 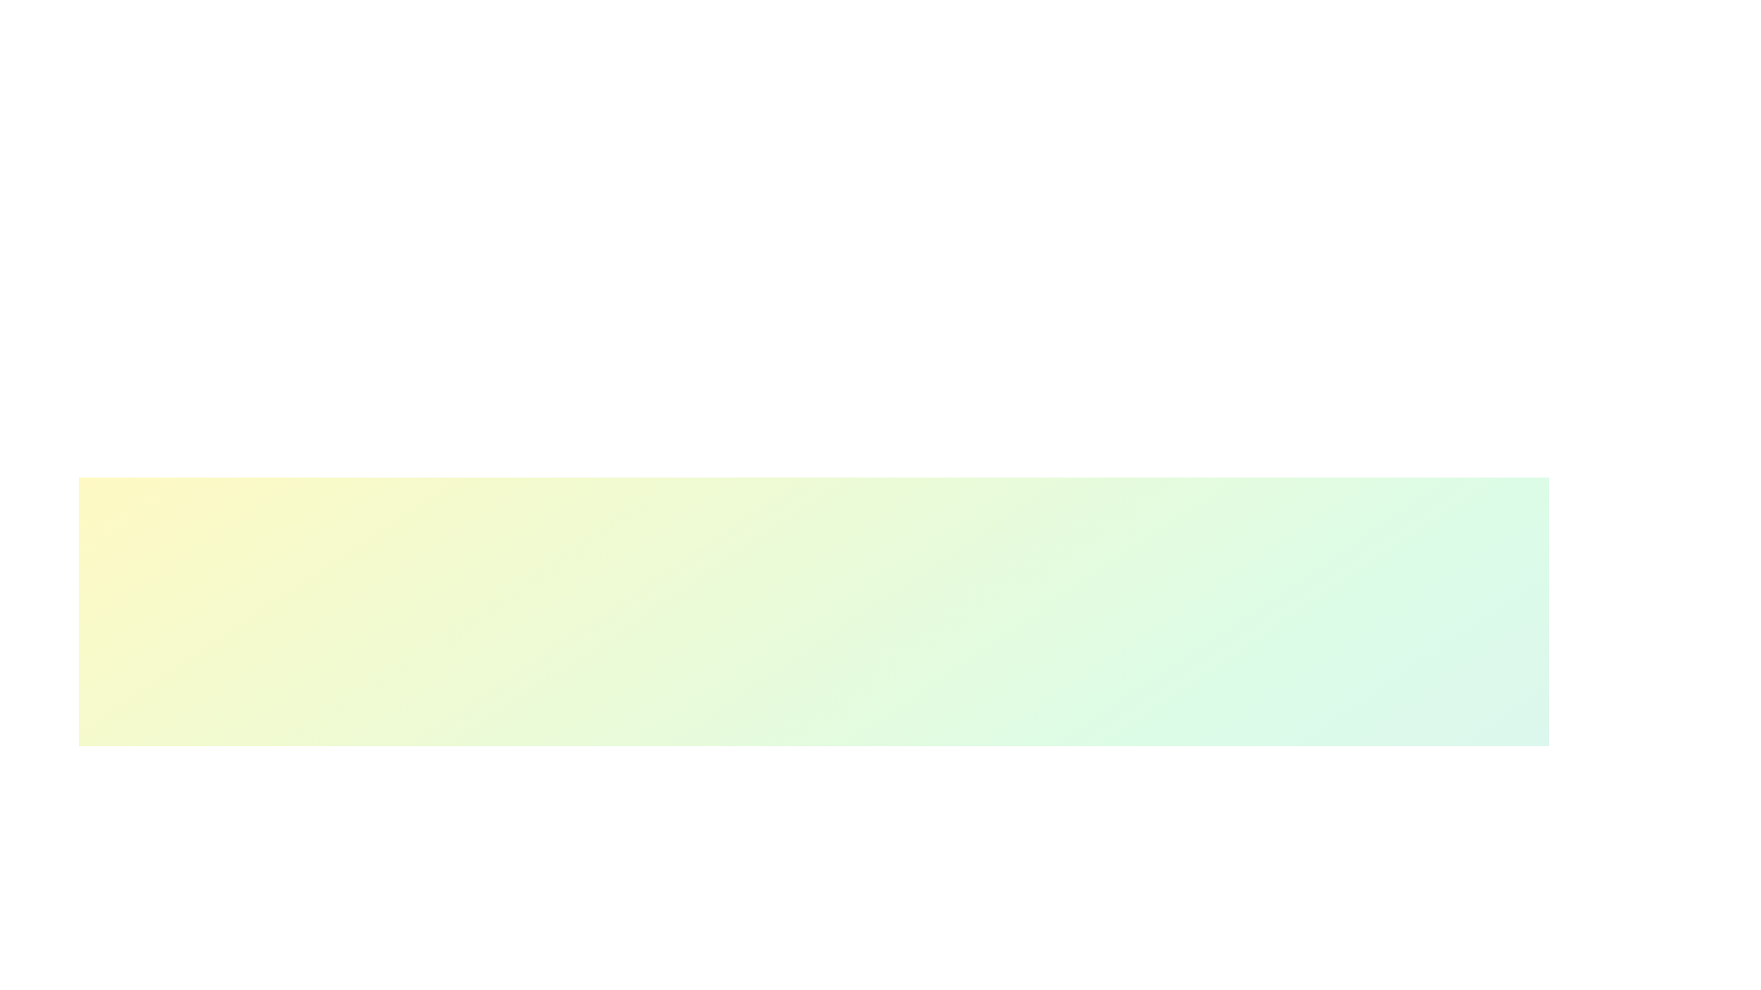 What do you see at coordinates (925, 979) in the screenshot?
I see `the skill progress slider for 1 to 77%` at bounding box center [925, 979].